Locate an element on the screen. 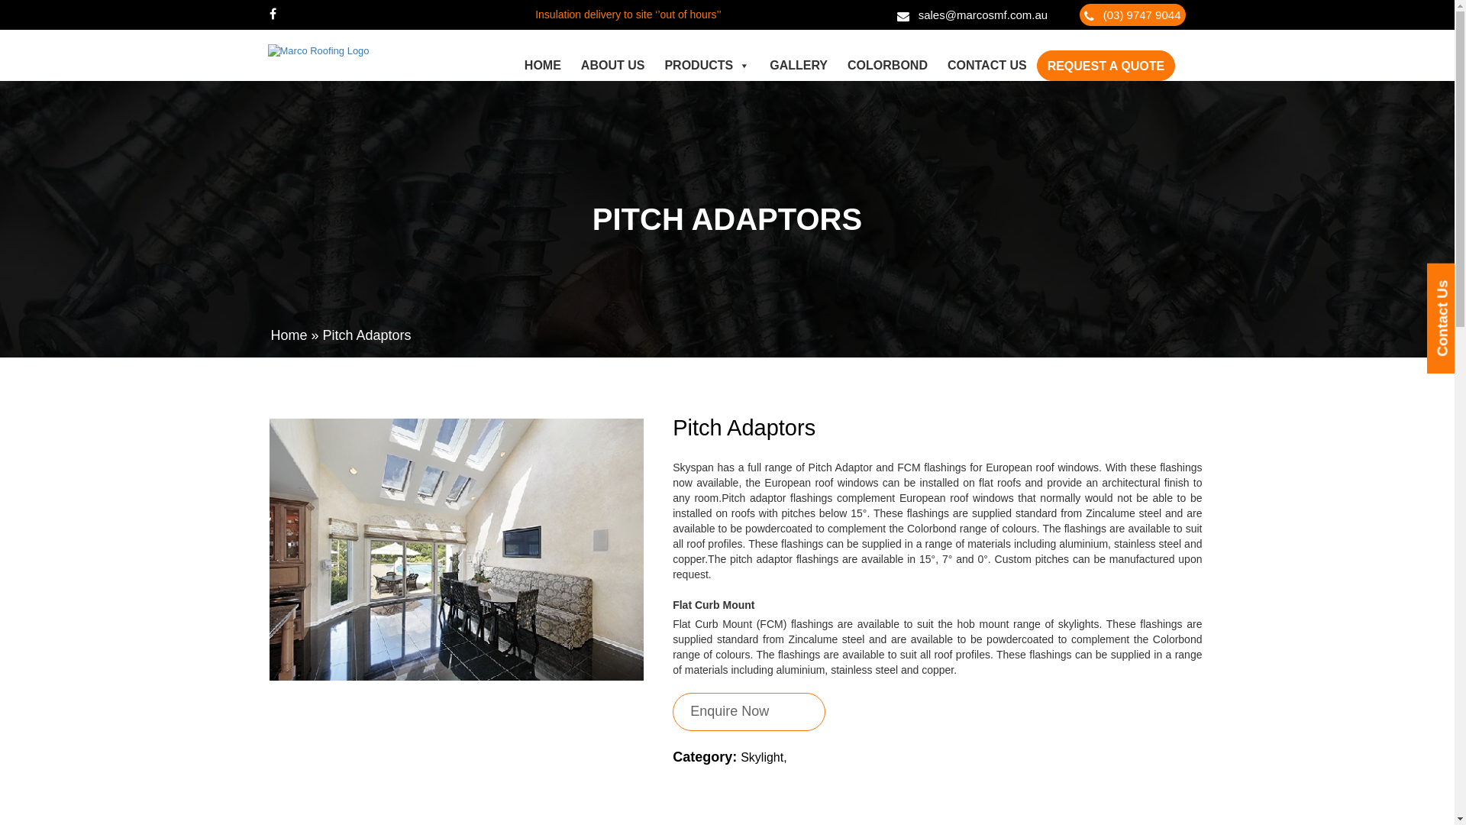 The width and height of the screenshot is (1466, 825). 'Enquire Now' is located at coordinates (748, 712).